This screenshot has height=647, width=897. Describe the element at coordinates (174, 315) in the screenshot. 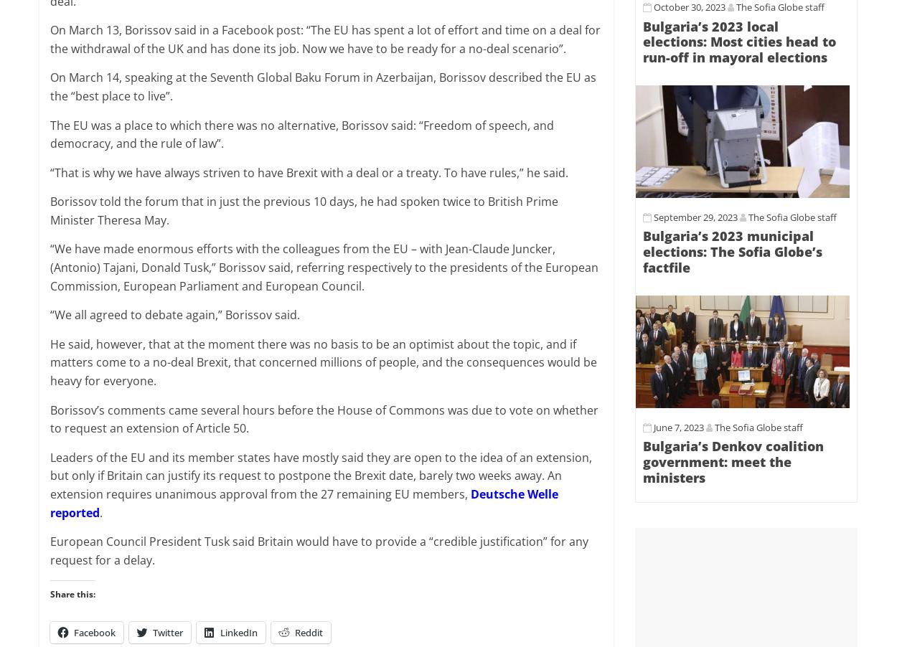

I see `'“We all agreed to debate again,” Borissov said.'` at that location.